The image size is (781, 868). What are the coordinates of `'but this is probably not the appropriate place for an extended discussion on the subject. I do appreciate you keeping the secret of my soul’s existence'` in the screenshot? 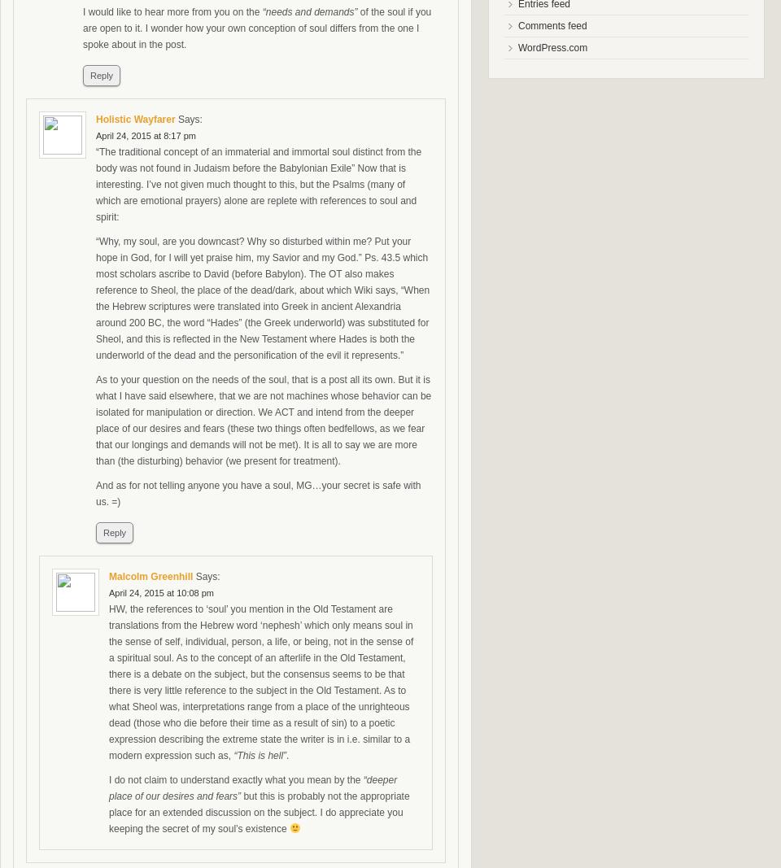 It's located at (108, 813).